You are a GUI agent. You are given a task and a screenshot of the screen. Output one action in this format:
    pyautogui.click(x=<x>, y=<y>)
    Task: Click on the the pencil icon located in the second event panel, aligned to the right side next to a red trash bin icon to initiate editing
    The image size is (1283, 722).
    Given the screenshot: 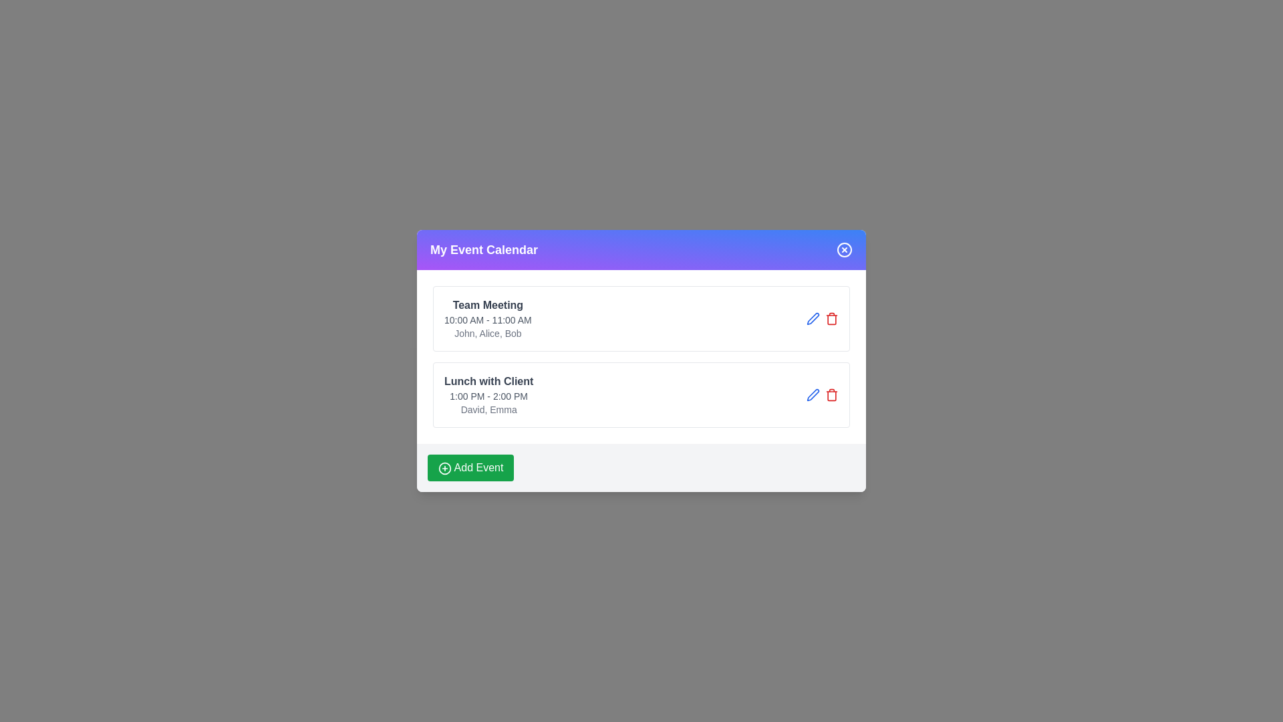 What is the action you would take?
    pyautogui.click(x=813, y=319)
    